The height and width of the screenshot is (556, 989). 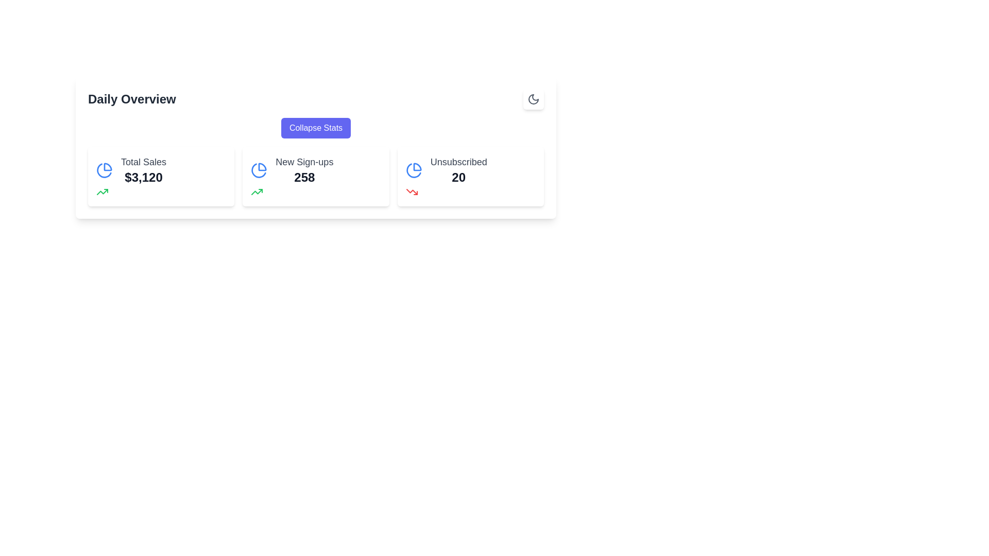 What do you see at coordinates (257, 192) in the screenshot?
I see `the upward trending arrow icon with a green stroke located in the 'Total Sales' card under the 'Daily Overview' section` at bounding box center [257, 192].